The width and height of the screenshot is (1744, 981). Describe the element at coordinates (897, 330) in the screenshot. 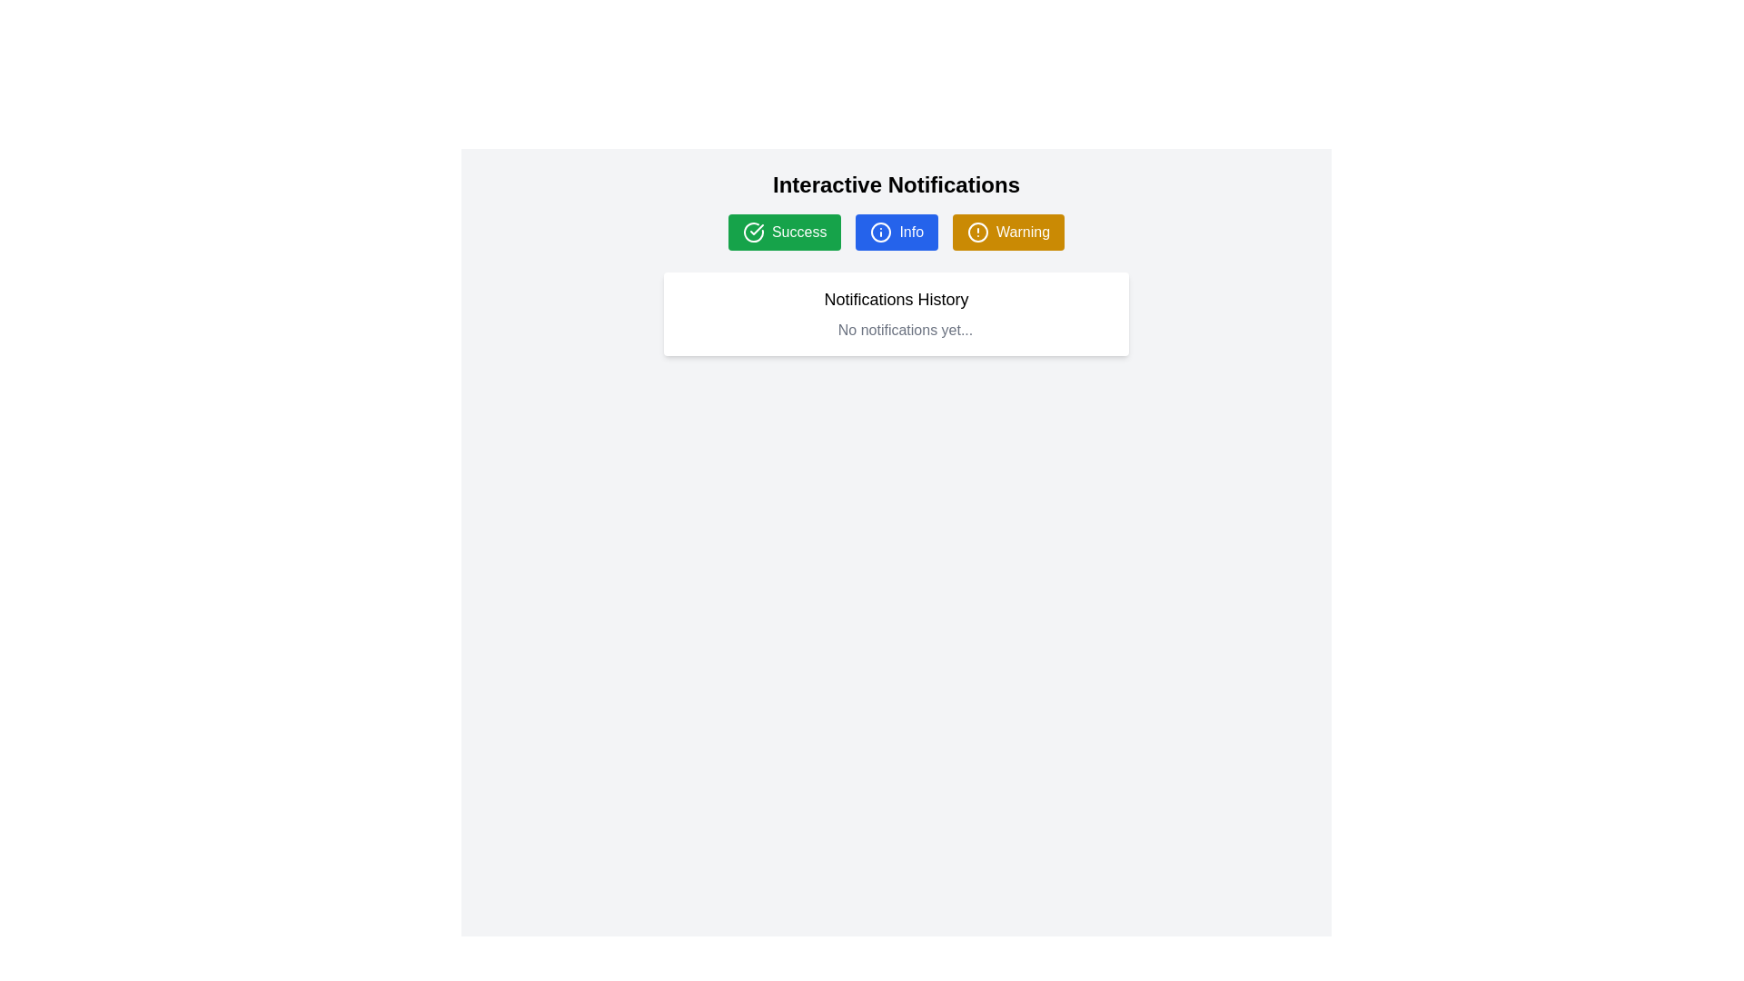

I see `the Text block that informs the user there are currently no notifications available, located in the Notifications History section underneath the title` at that location.